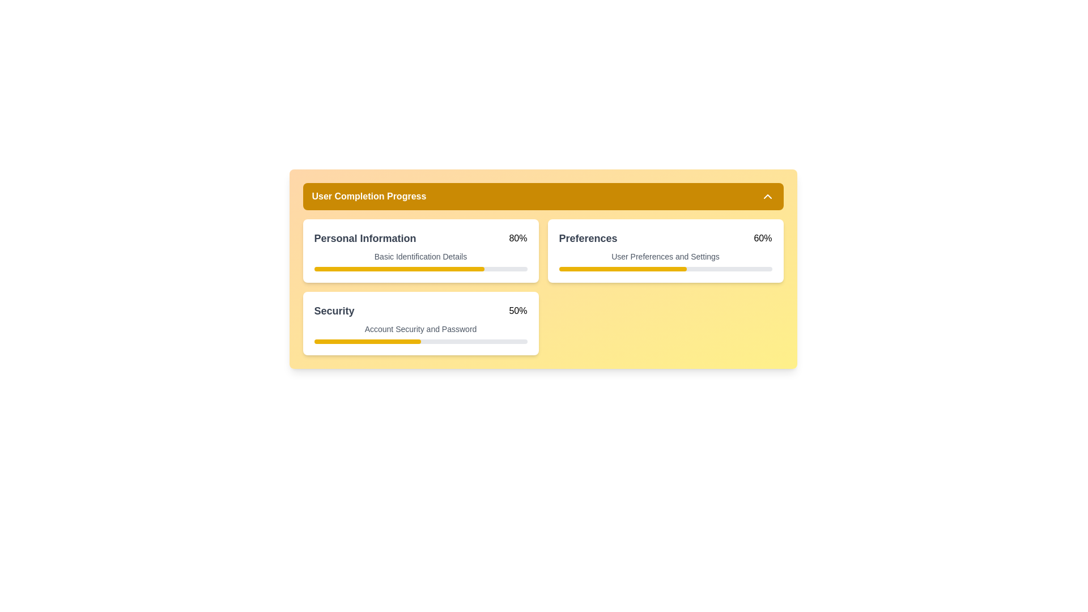 Image resolution: width=1088 pixels, height=612 pixels. Describe the element at coordinates (542, 269) in the screenshot. I see `the informational progress tracker section that displays completion metrics such as 'Personal Information,' 'Preferences,' and 'Security,' which is centrally located below the 'User Completion Progress' title bar` at that location.